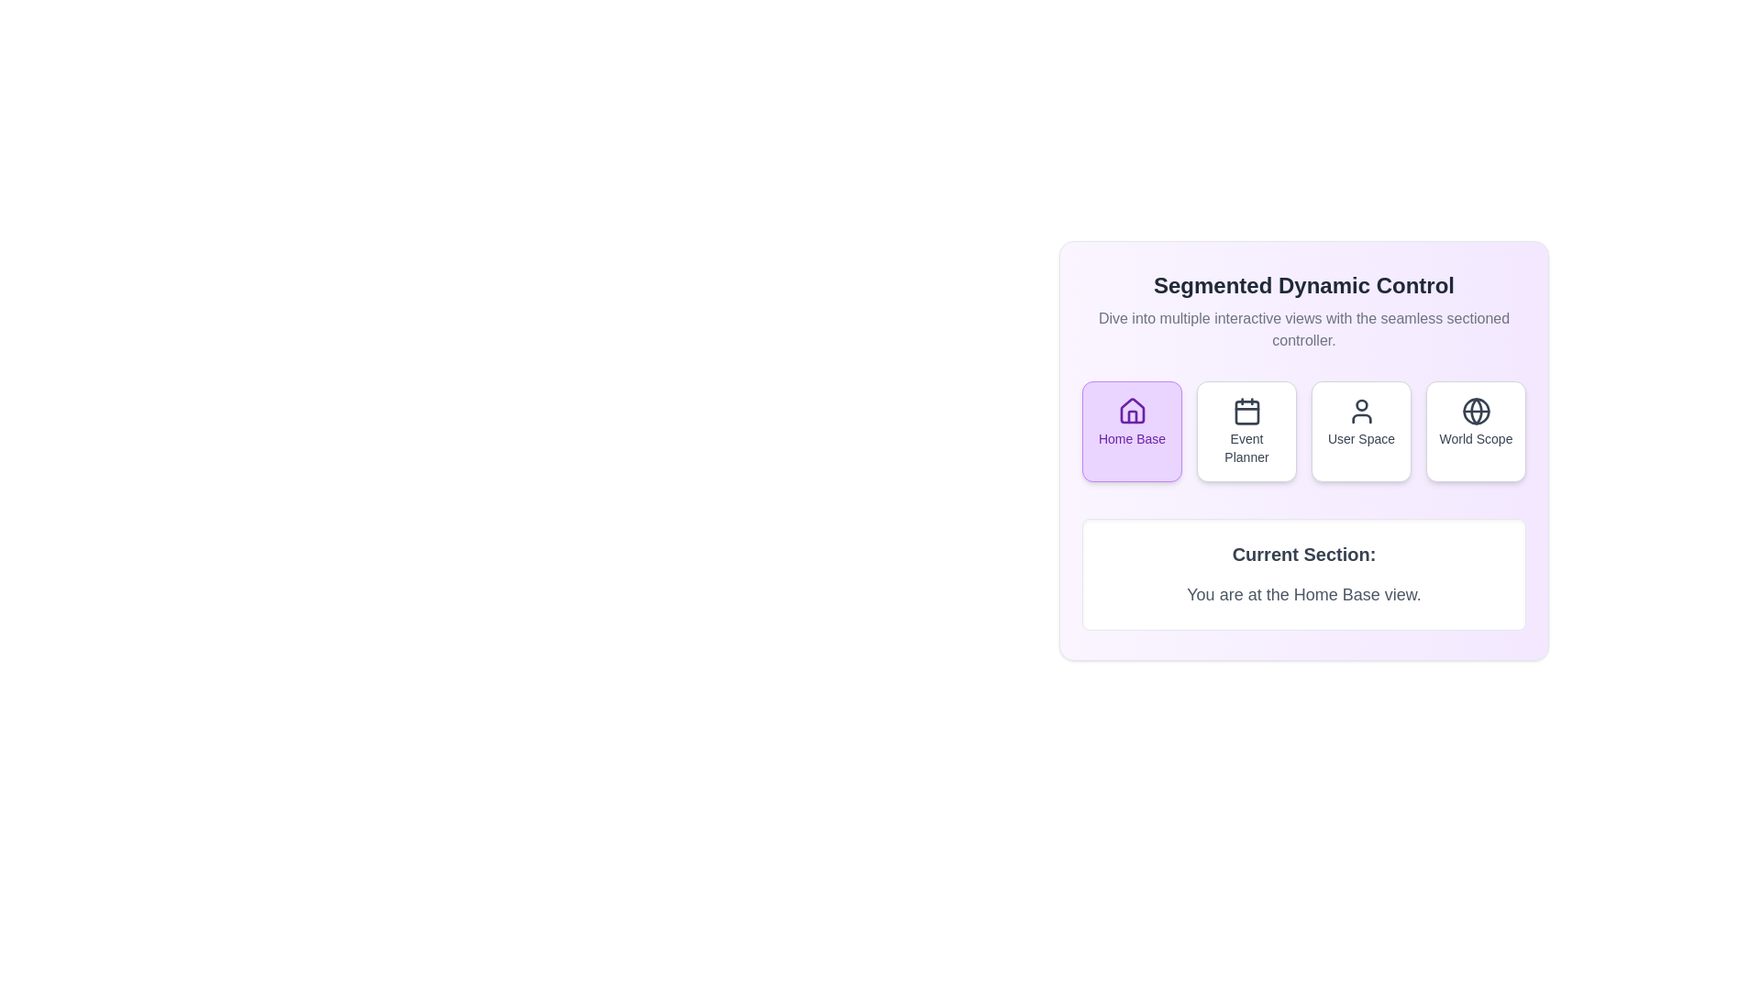  Describe the element at coordinates (1476, 410) in the screenshot. I see `the globe icon located within the 'World Scope' button at the bottom of the 'Segmented Dynamic Control' section` at that location.